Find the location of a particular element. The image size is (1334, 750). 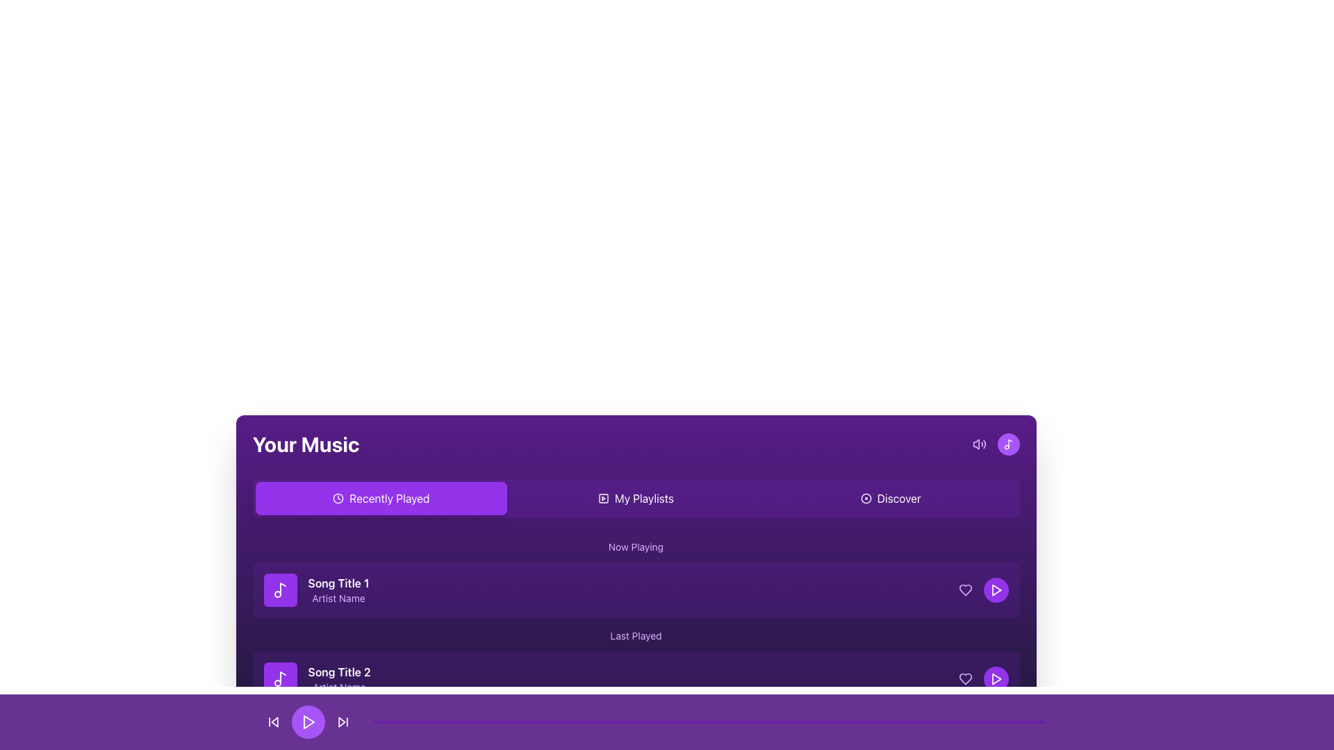

the circular button with a purple background and a white play icon at its center to play the media is located at coordinates (308, 722).